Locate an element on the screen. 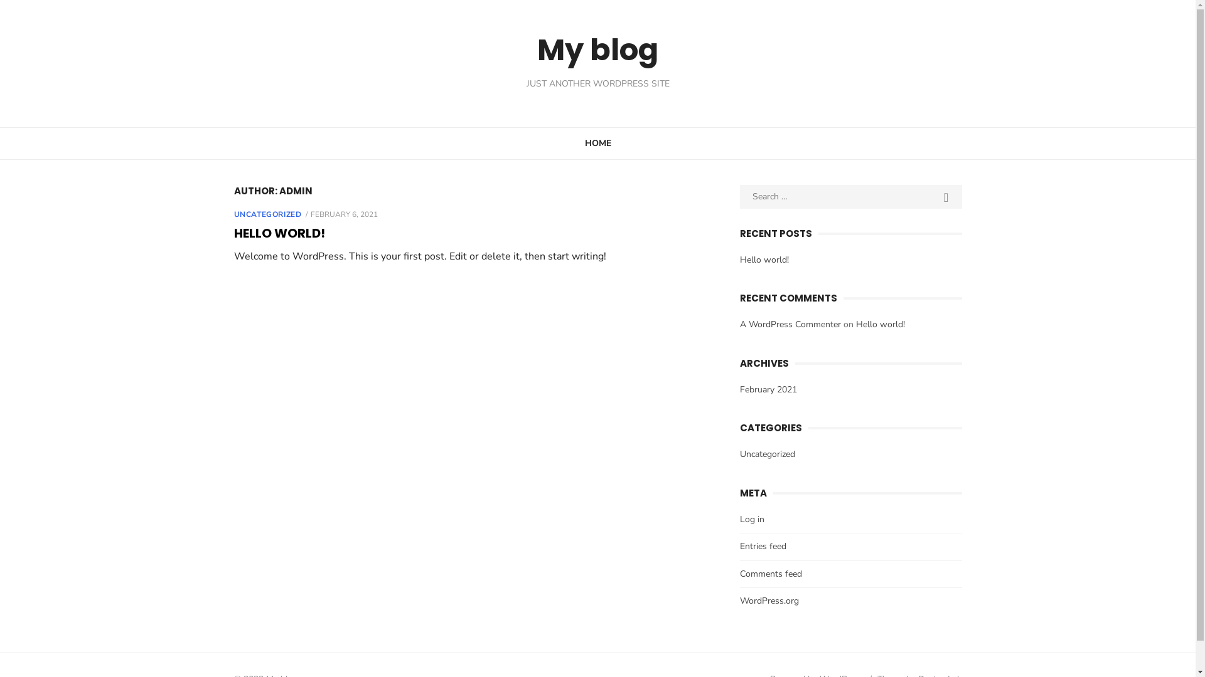 Image resolution: width=1205 pixels, height=677 pixels. 'Comments feed' is located at coordinates (770, 574).